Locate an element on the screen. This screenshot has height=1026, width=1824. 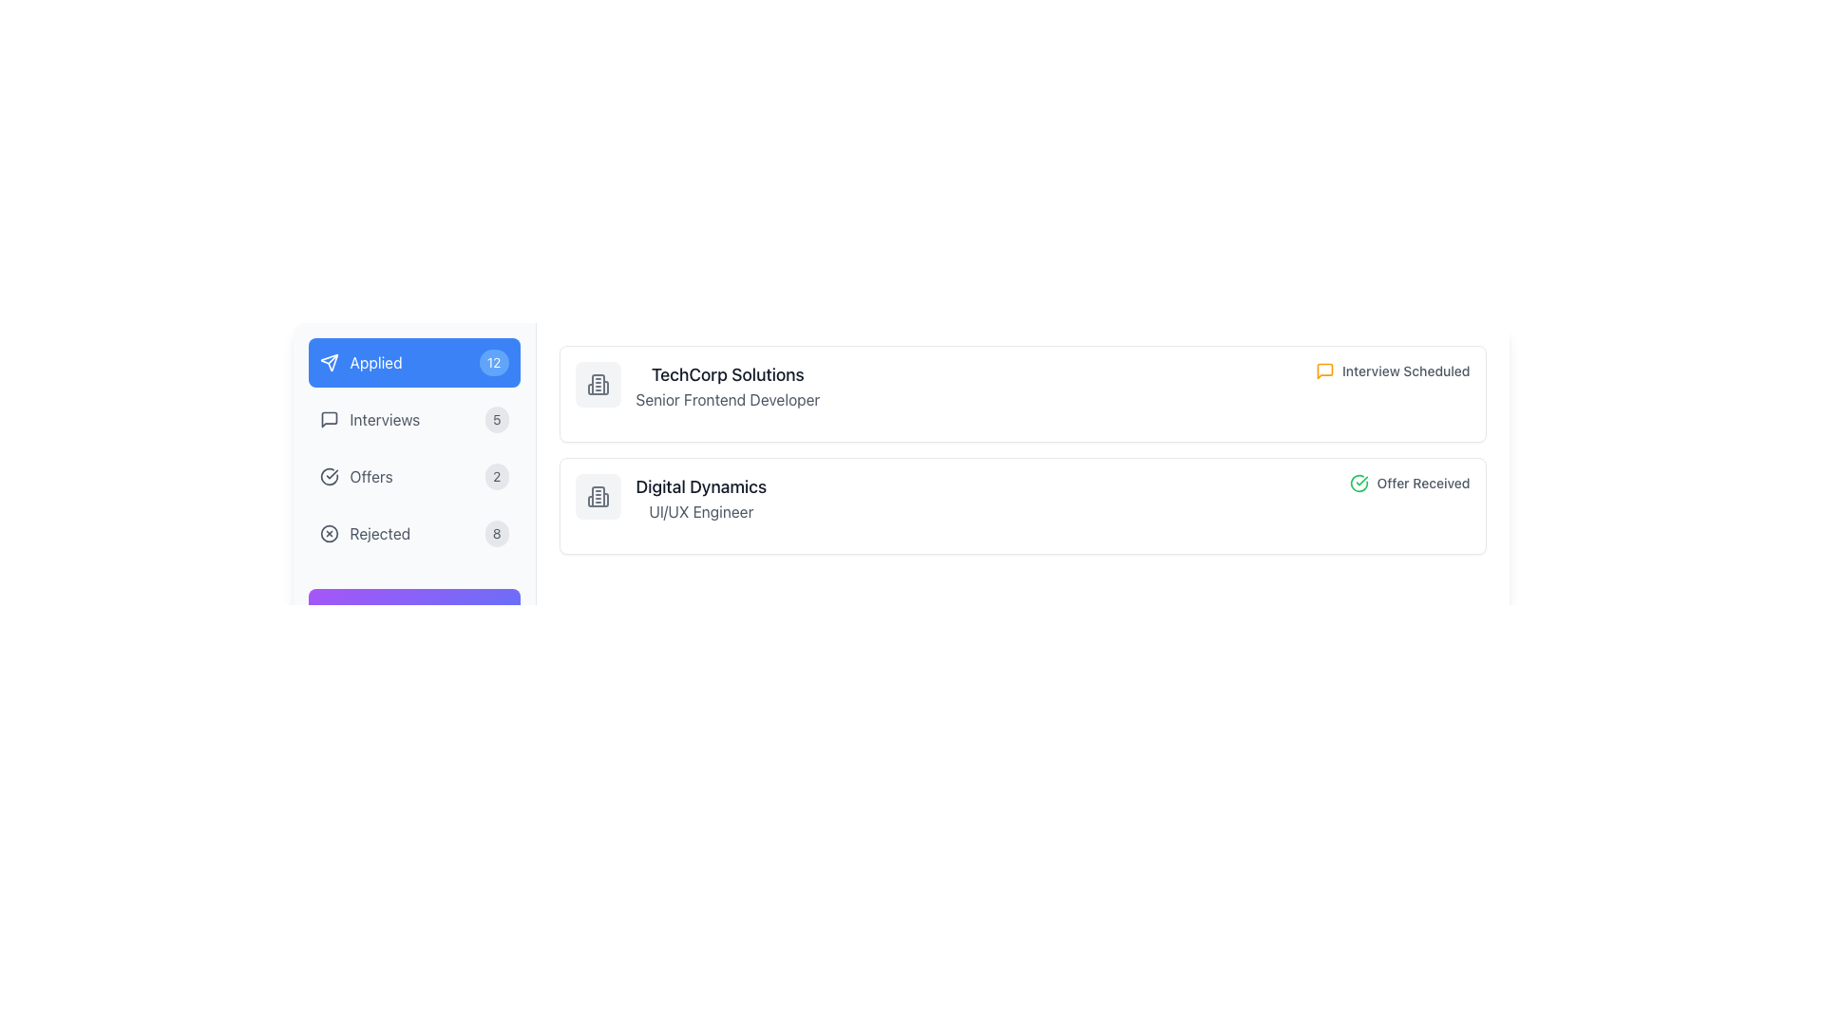
the business icon representing 'TechCorp Solutions' is located at coordinates (597, 385).